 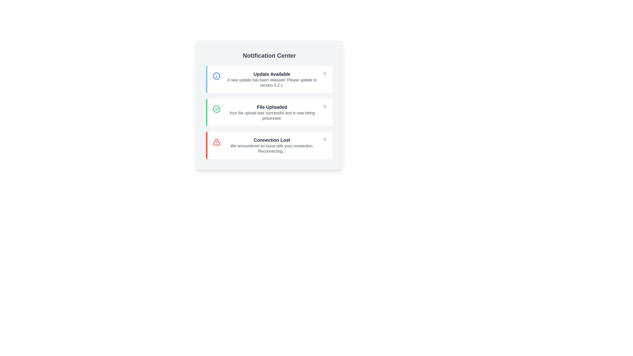 I want to click on the text block containing the message 'A new update has been released. Please update to version 3.2.1.' to check for interactions or tooltips, so click(x=272, y=82).